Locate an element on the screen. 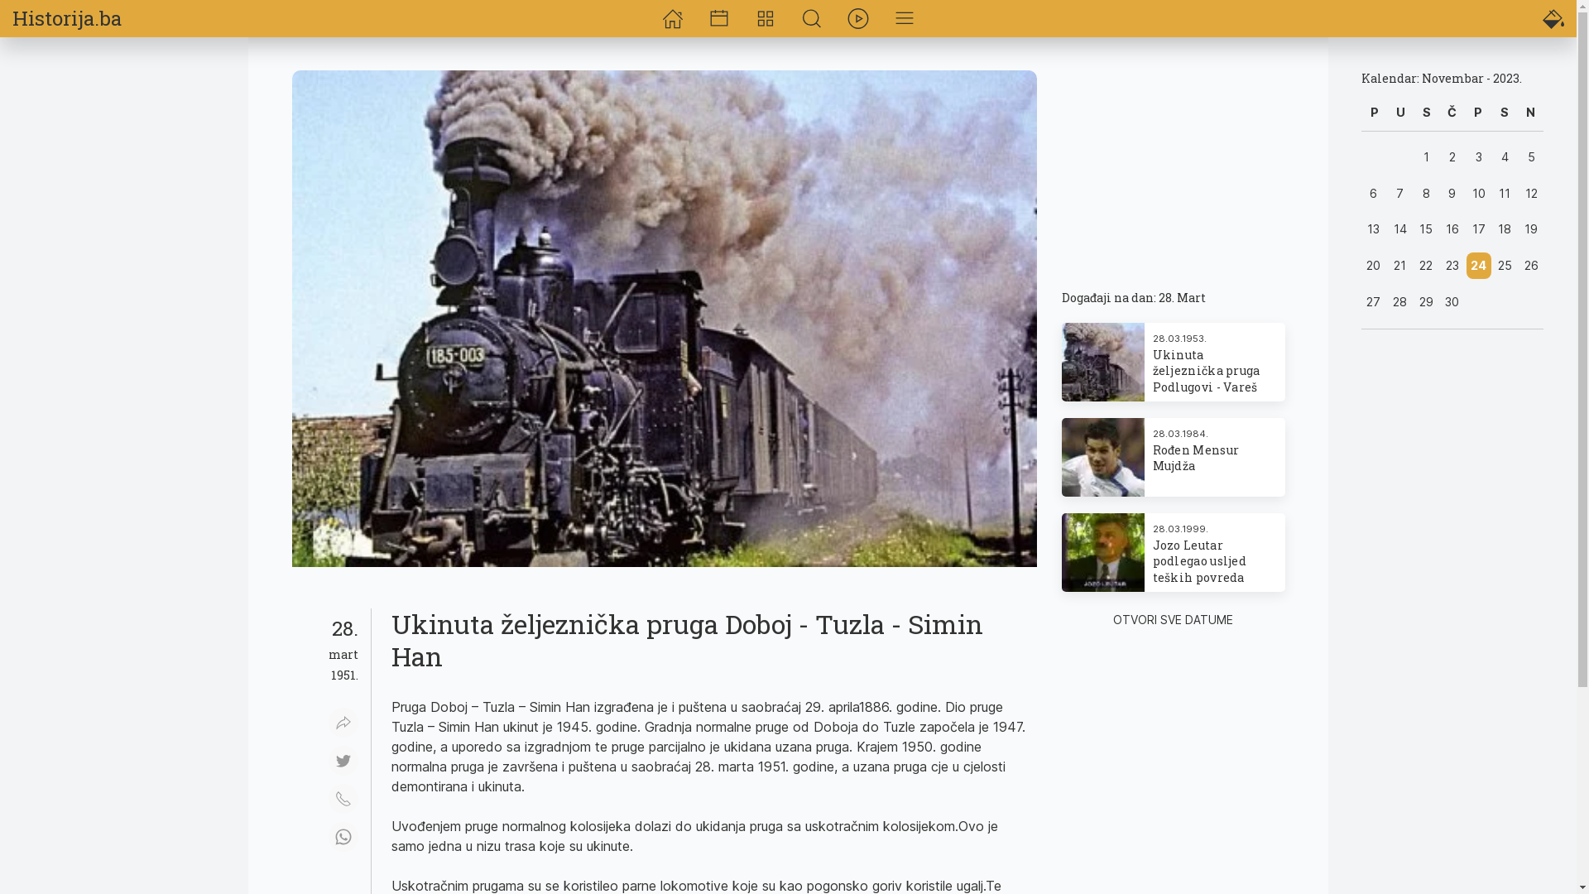 The width and height of the screenshot is (1589, 894). '16' is located at coordinates (1452, 229).